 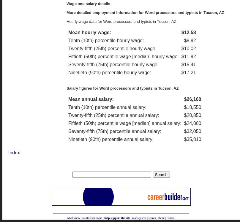 What do you see at coordinates (117, 217) in the screenshot?
I see `'help support the site'` at bounding box center [117, 217].